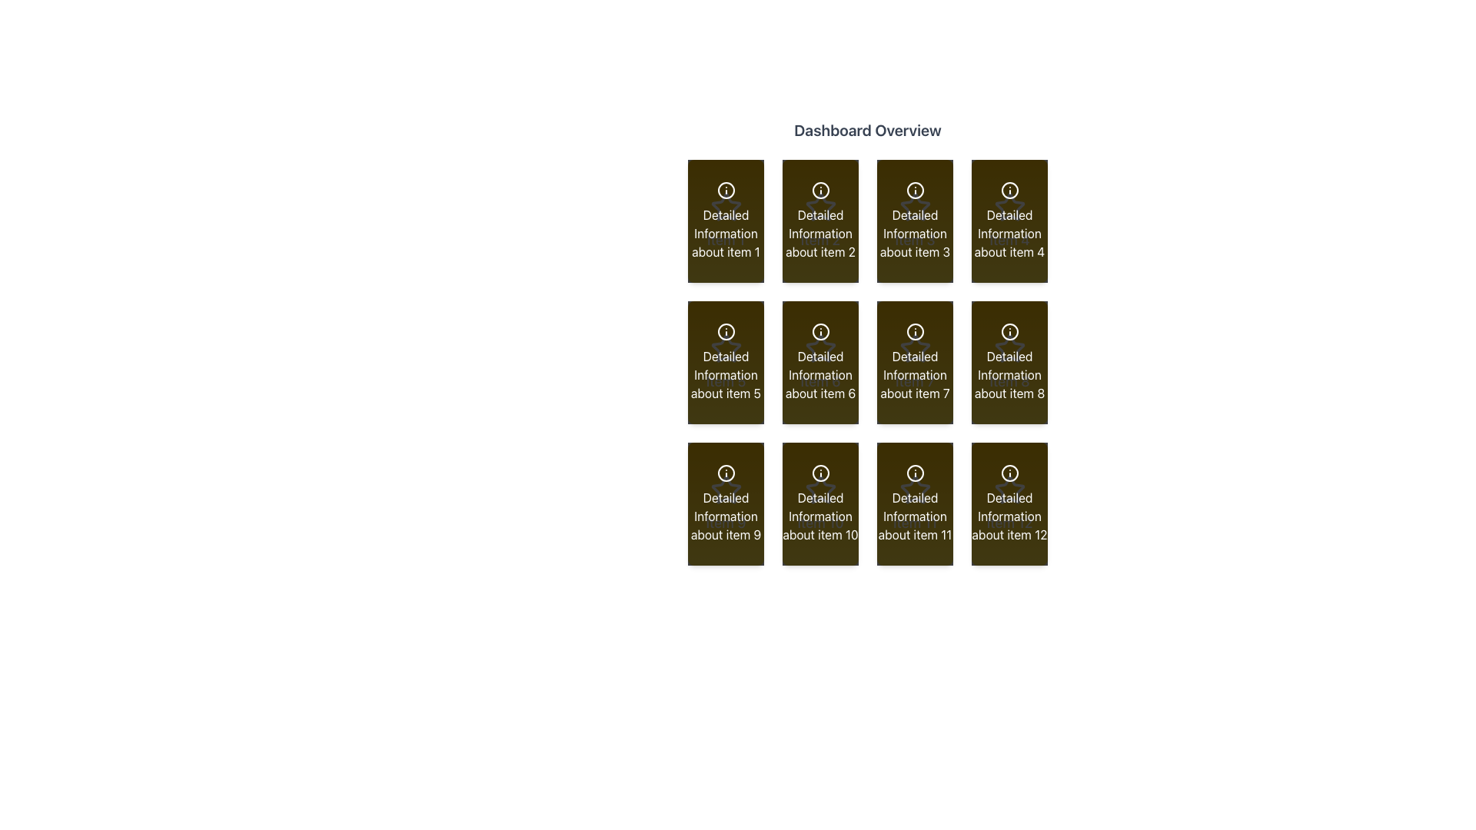 The image size is (1476, 830). I want to click on the SVG Circle Element, which symbolizes information, located in the center of the icon on the second card in the first row of a 4x3 grid, so click(819, 189).